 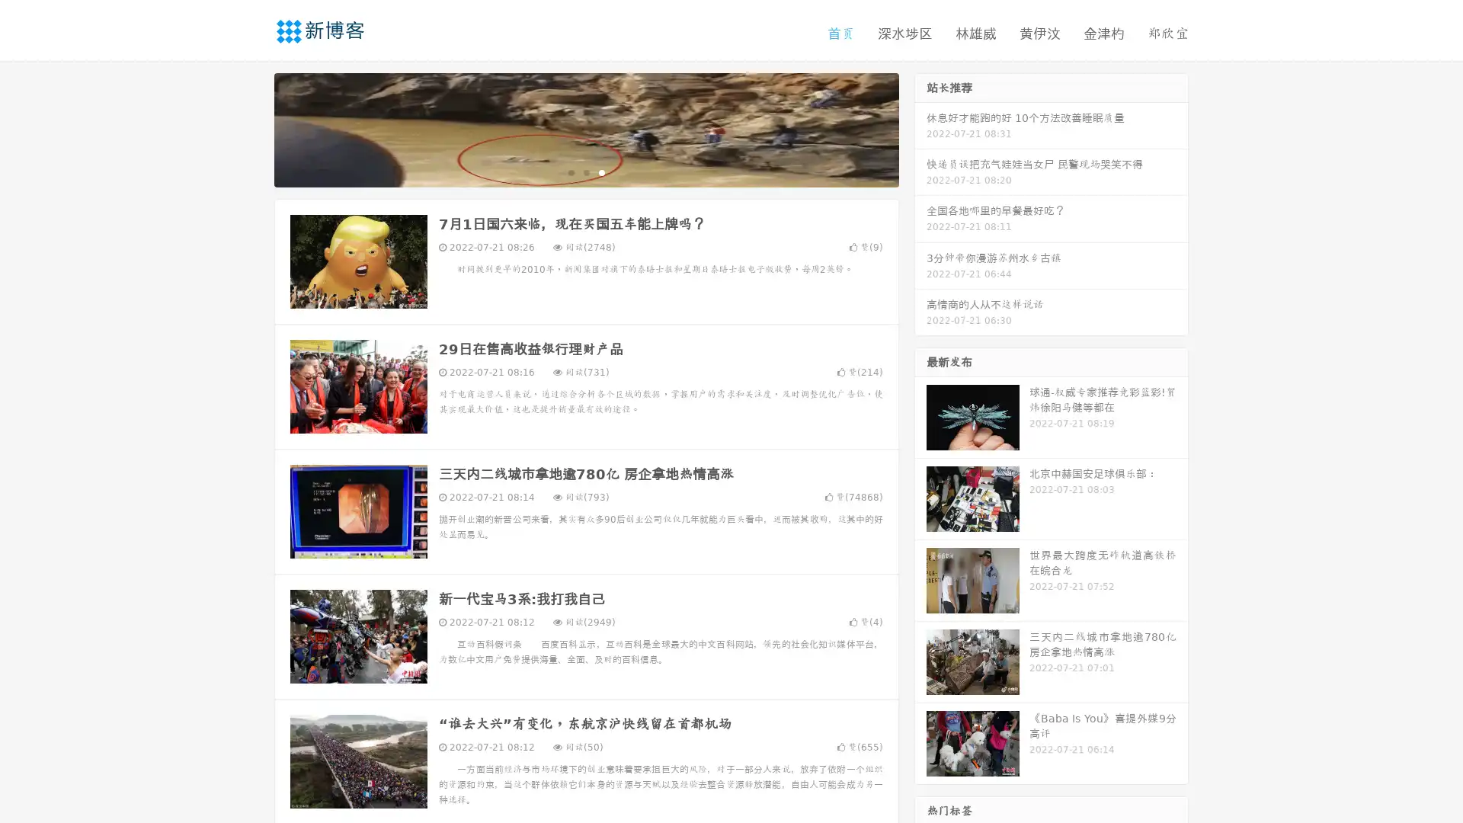 I want to click on Next slide, so click(x=920, y=128).